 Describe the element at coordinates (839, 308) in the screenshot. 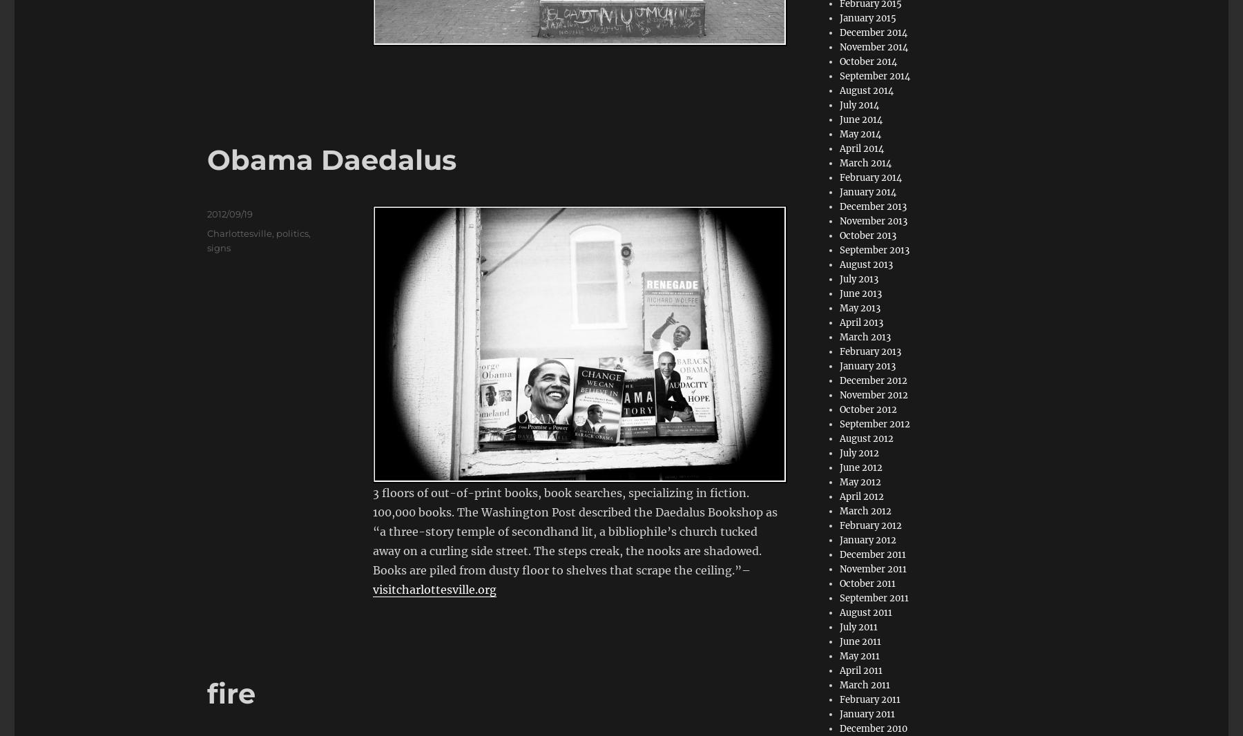

I see `'May 2013'` at that location.